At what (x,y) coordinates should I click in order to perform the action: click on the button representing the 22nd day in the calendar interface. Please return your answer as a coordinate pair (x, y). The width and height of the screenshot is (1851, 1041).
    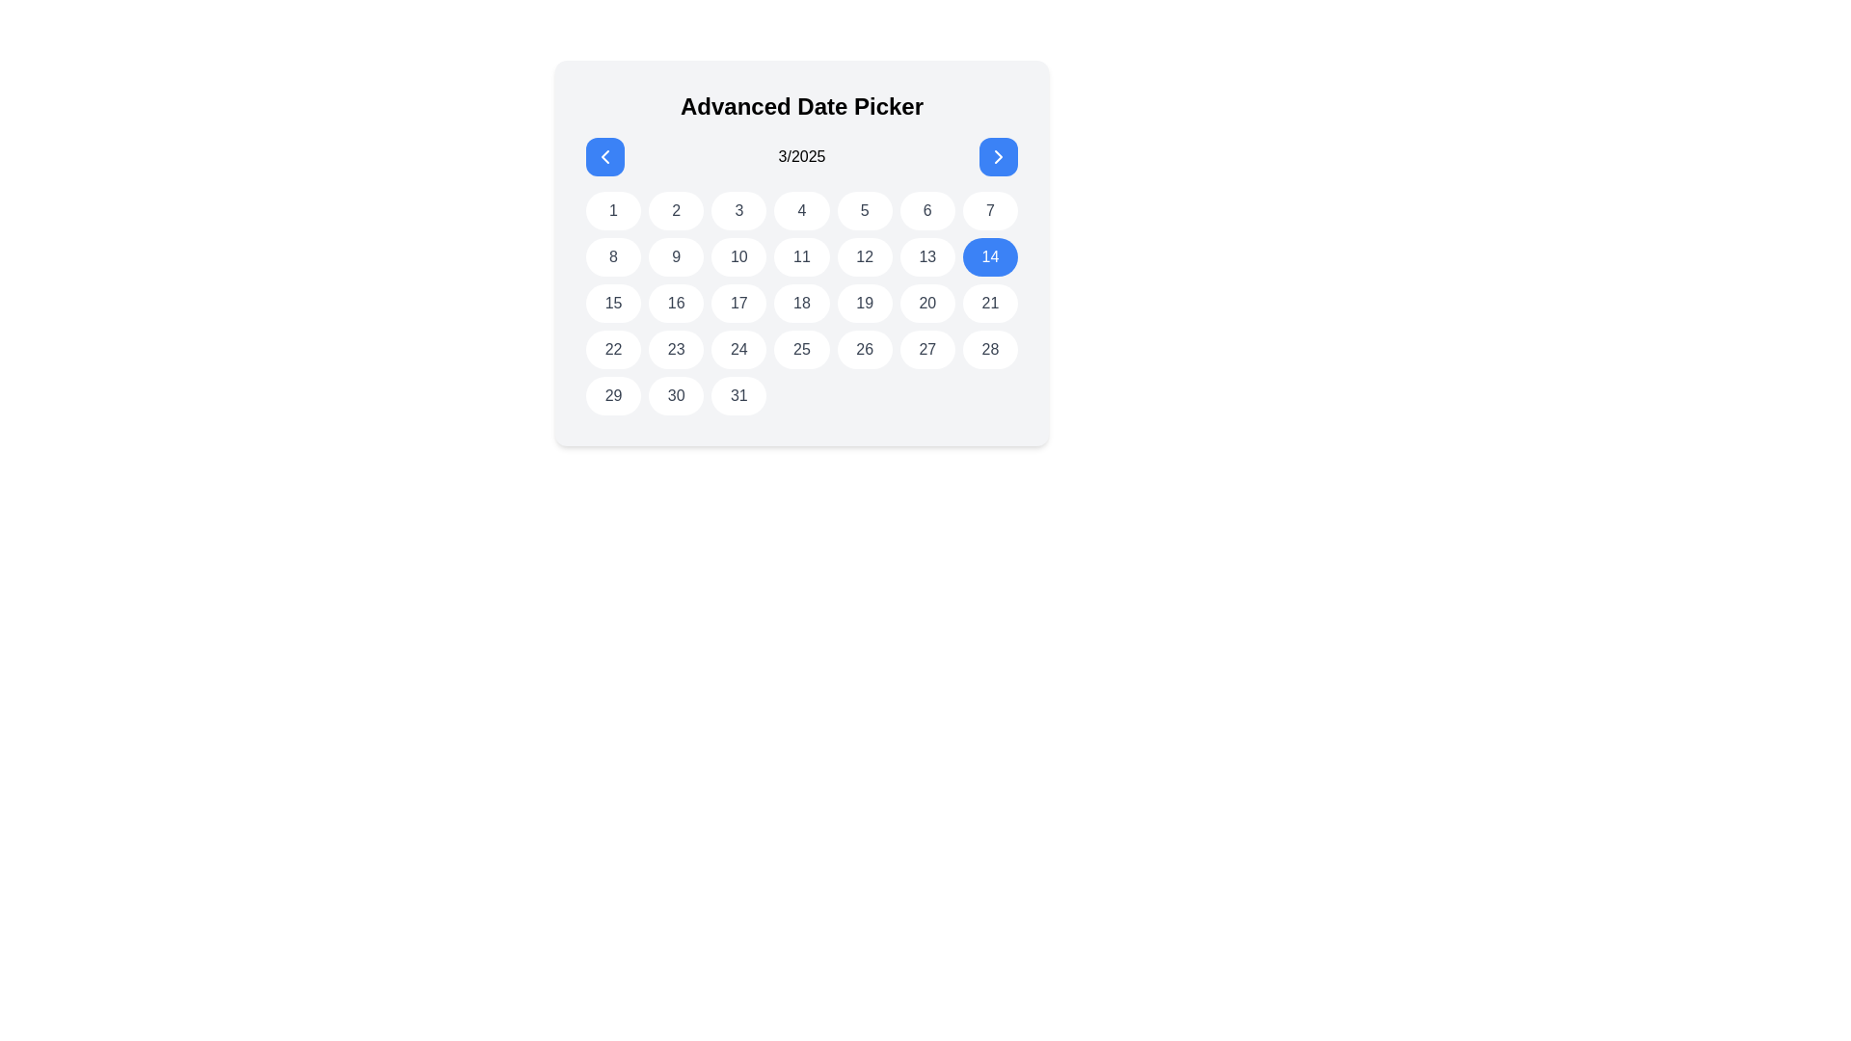
    Looking at the image, I should click on (612, 349).